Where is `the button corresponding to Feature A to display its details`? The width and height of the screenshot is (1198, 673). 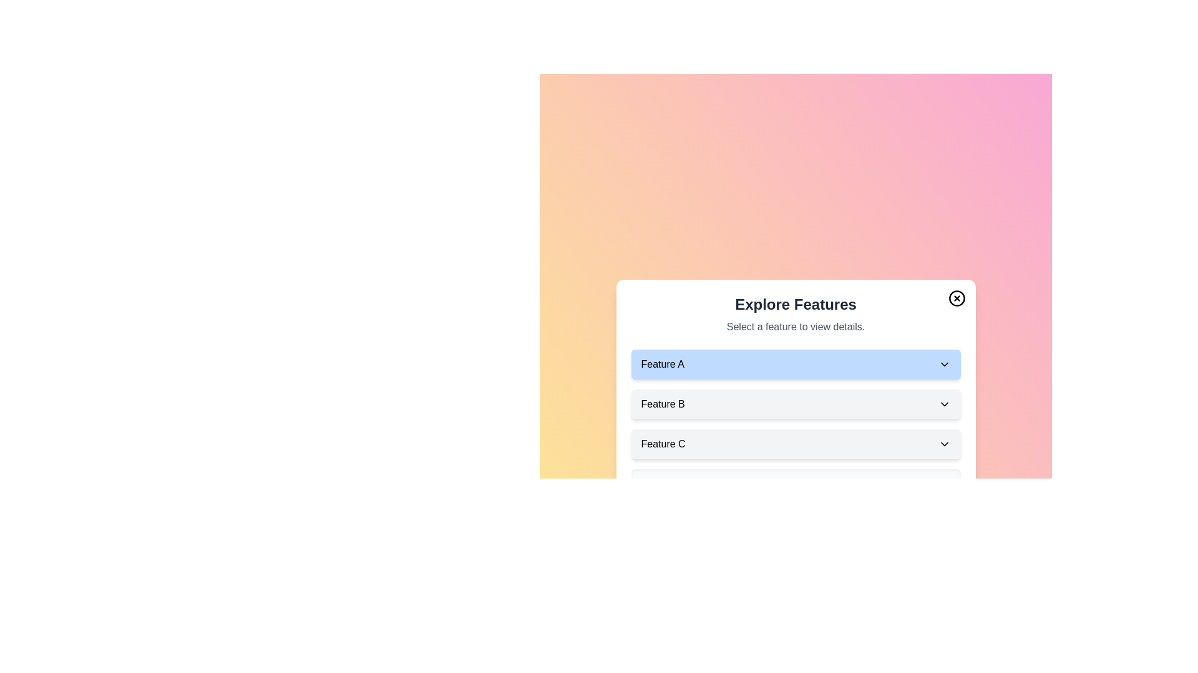 the button corresponding to Feature A to display its details is located at coordinates (795, 365).